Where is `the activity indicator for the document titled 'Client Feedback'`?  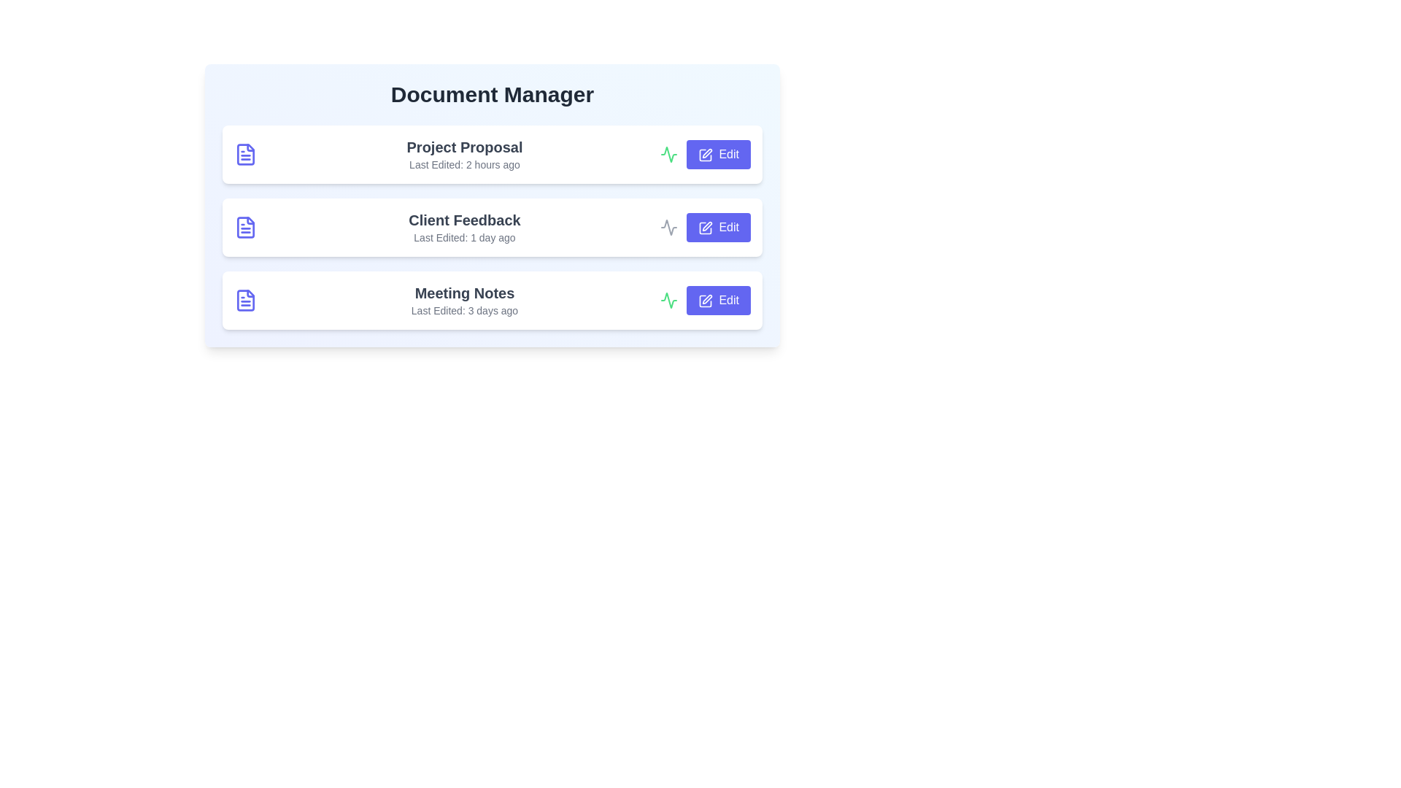
the activity indicator for the document titled 'Client Feedback' is located at coordinates (668, 228).